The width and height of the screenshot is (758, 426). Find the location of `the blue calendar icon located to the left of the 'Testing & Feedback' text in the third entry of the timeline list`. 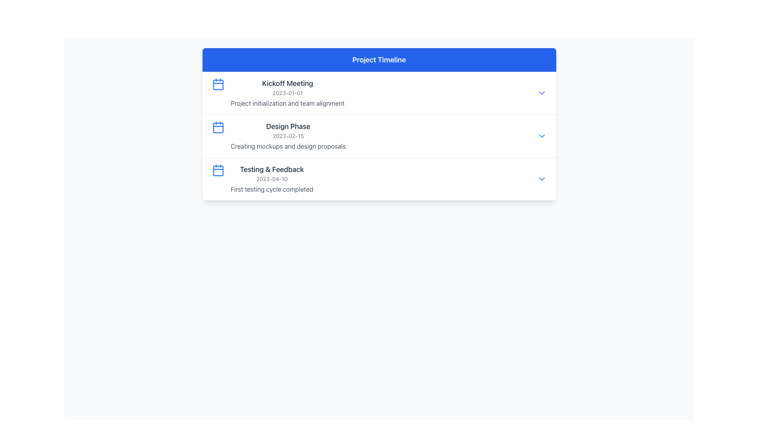

the blue calendar icon located to the left of the 'Testing & Feedback' text in the third entry of the timeline list is located at coordinates (218, 170).